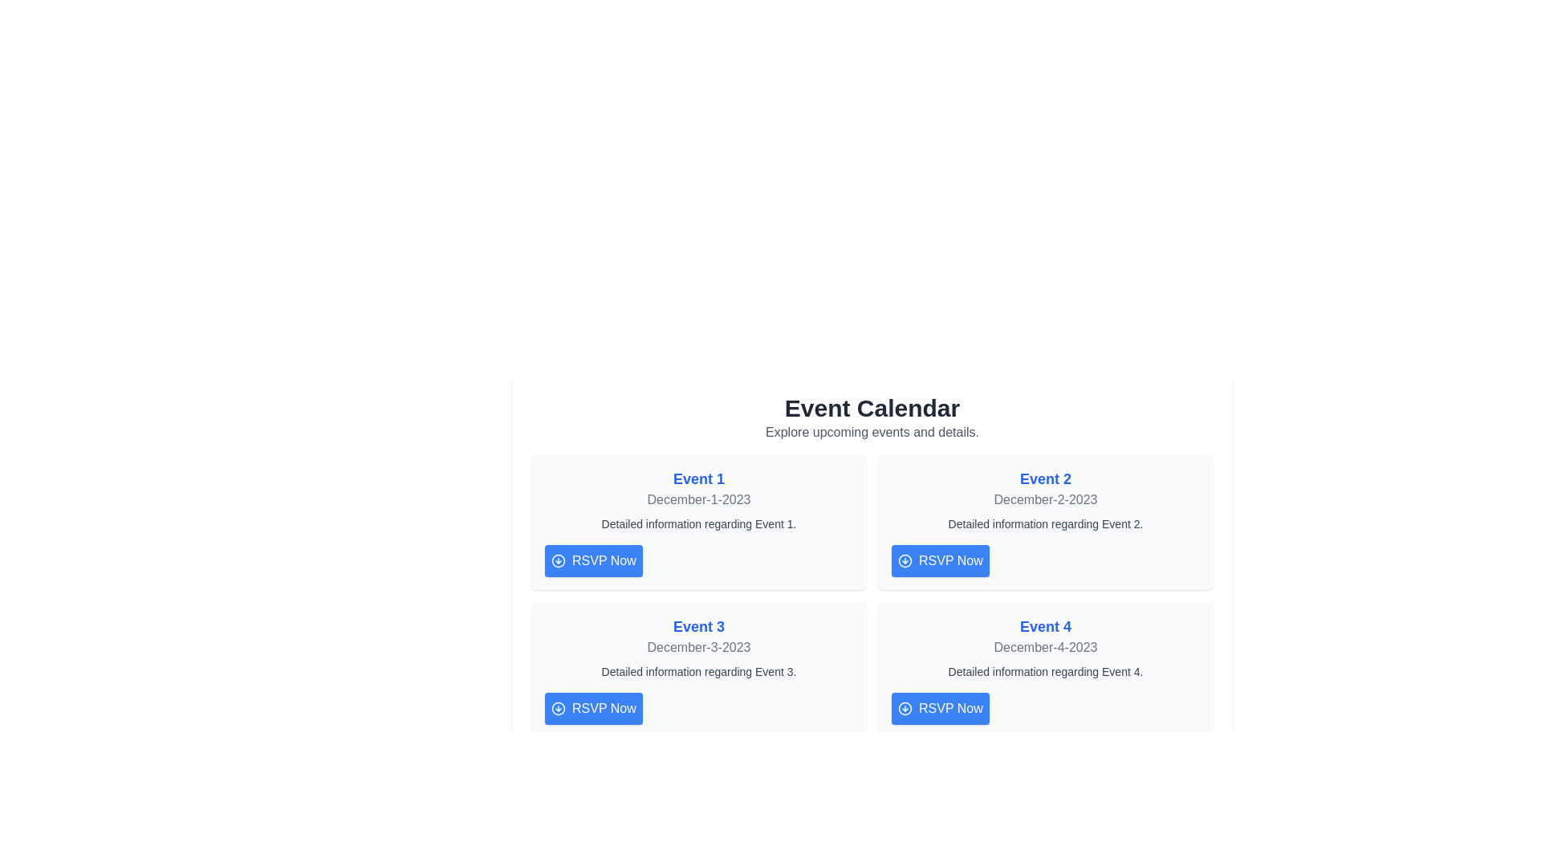 The height and width of the screenshot is (867, 1541). What do you see at coordinates (698, 499) in the screenshot?
I see `text label displaying the date 'December-1-2023' associated with Event 1, which is located below the title 'Event 1' and above the event description` at bounding box center [698, 499].